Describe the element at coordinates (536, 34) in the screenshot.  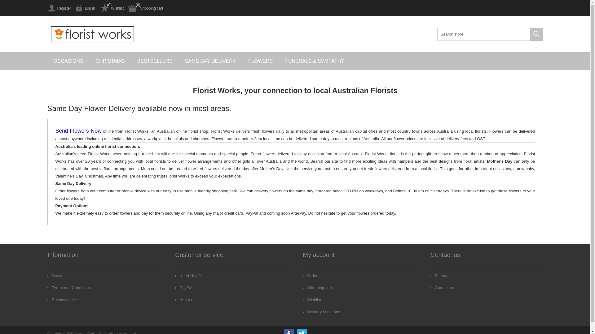
I see `'Search'` at that location.